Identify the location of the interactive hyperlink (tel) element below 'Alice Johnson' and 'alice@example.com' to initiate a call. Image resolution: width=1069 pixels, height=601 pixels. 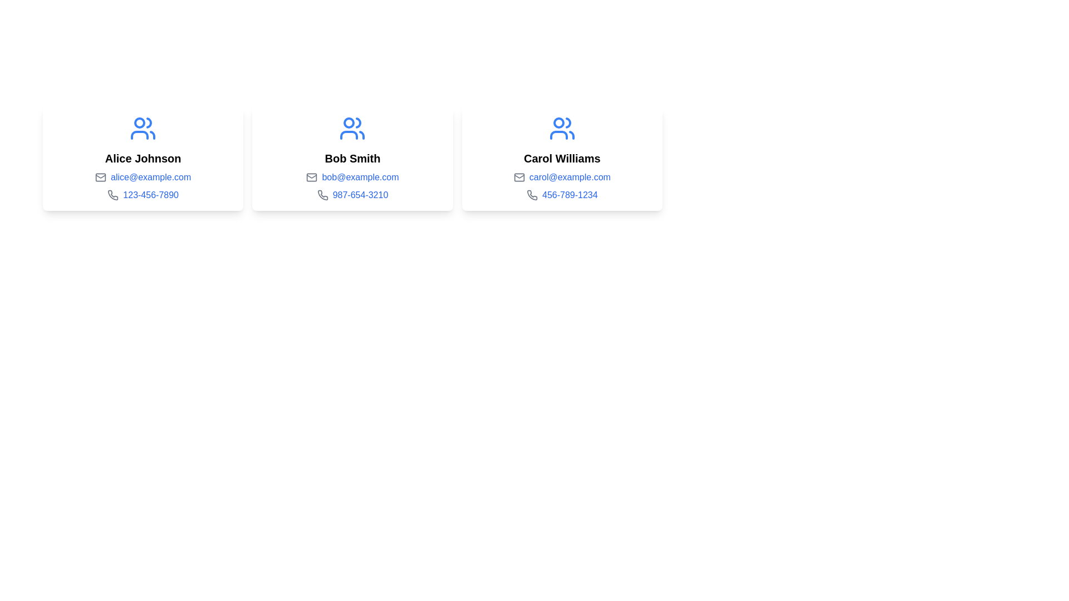
(143, 195).